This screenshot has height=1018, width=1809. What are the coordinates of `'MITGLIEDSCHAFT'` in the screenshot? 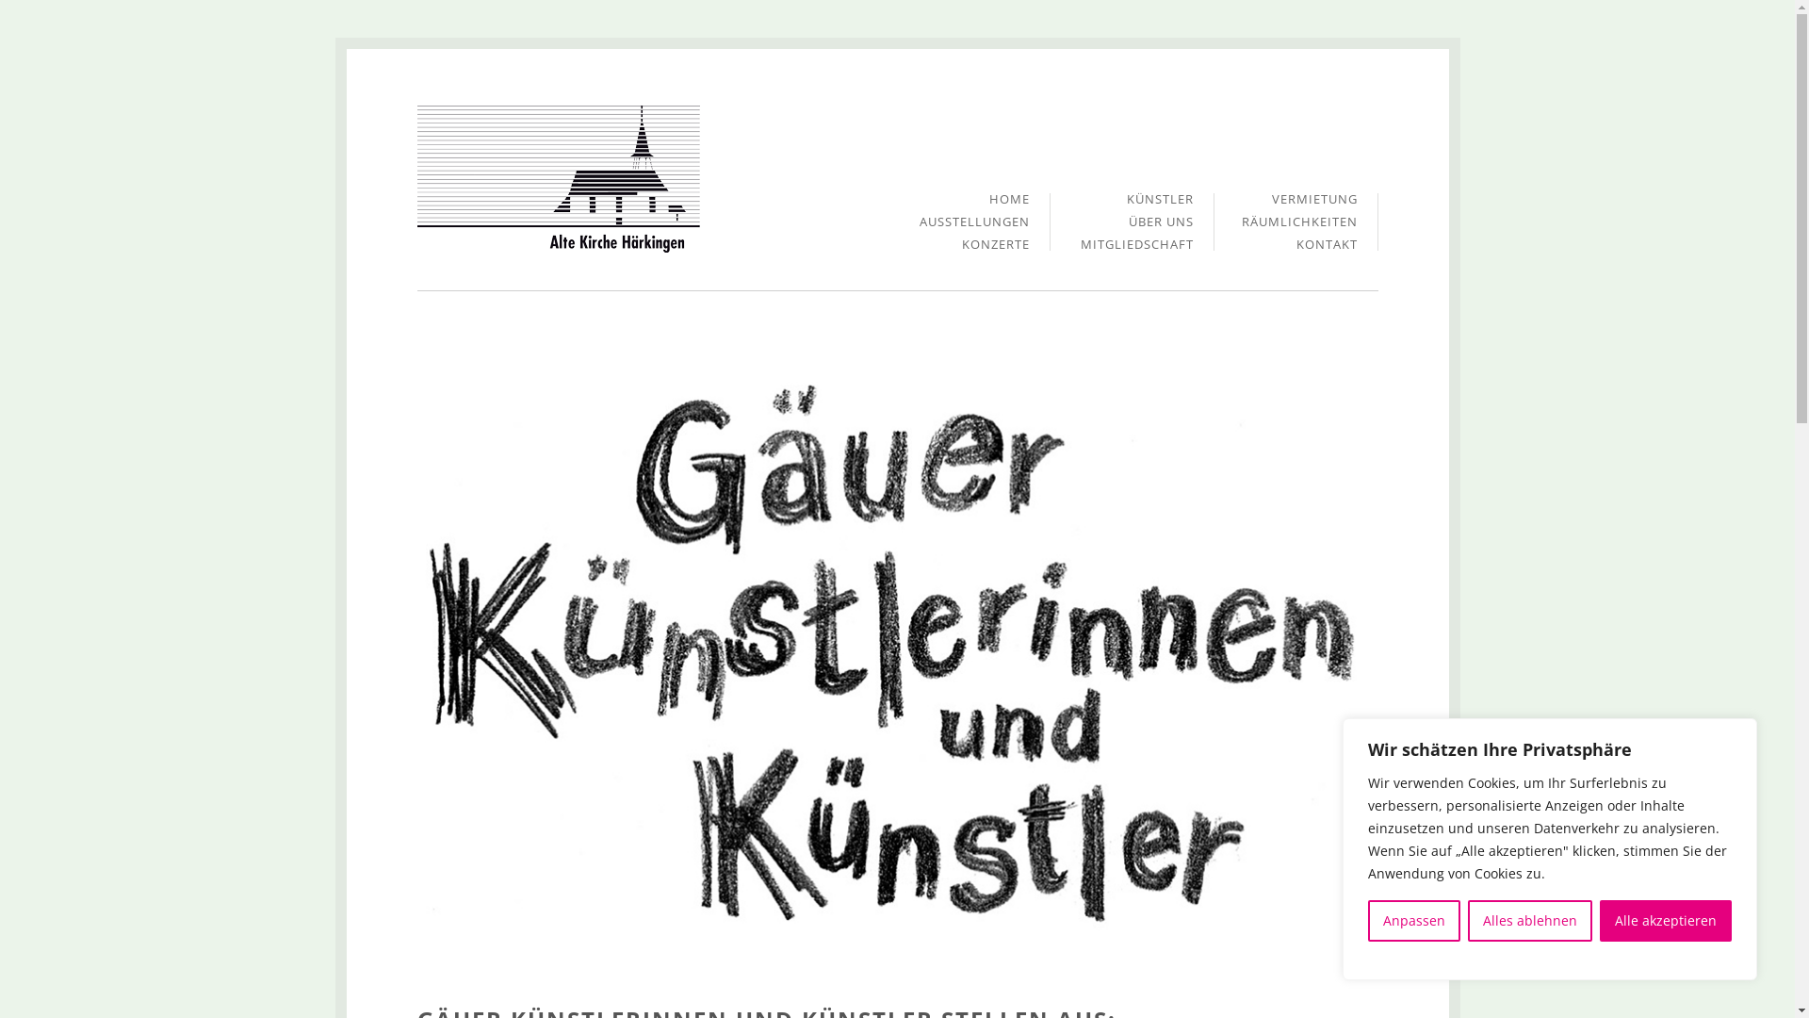 It's located at (1134, 243).